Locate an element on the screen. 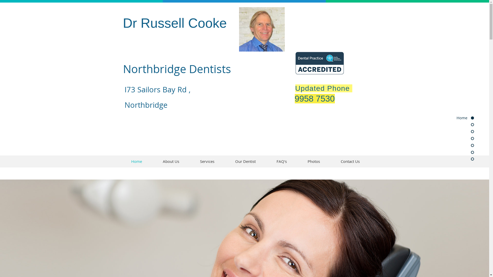 Image resolution: width=493 pixels, height=277 pixels. 'Photos' is located at coordinates (314, 161).